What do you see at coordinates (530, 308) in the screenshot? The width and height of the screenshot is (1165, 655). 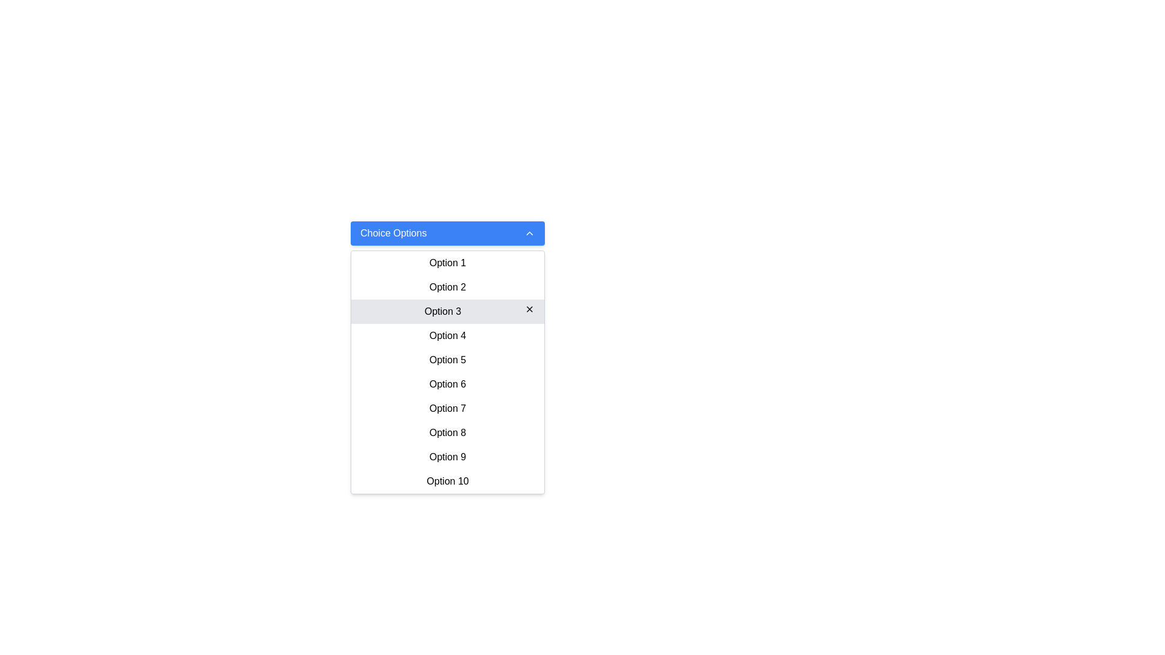 I see `the close icon button located to the far right of the 'Option 3' entry in the list` at bounding box center [530, 308].